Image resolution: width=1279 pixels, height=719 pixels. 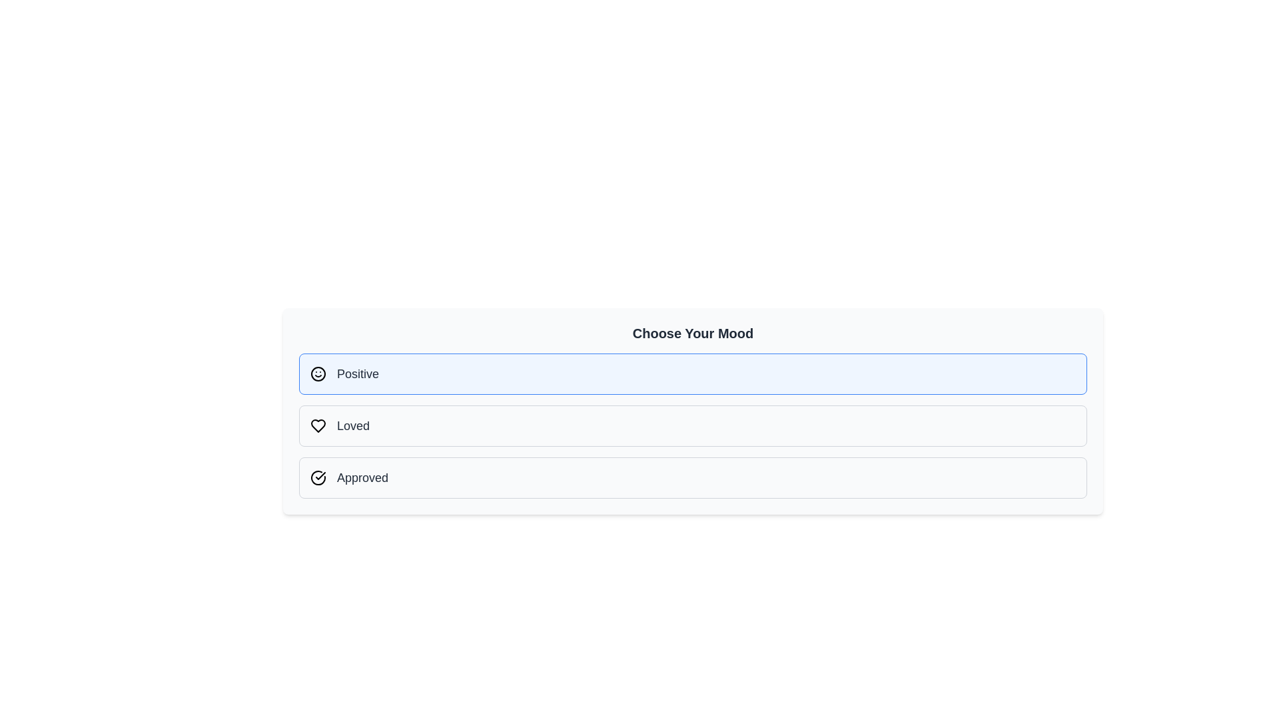 What do you see at coordinates (318, 426) in the screenshot?
I see `the 'Loved' mood icon located in the 'Choose Your Mood' section` at bounding box center [318, 426].